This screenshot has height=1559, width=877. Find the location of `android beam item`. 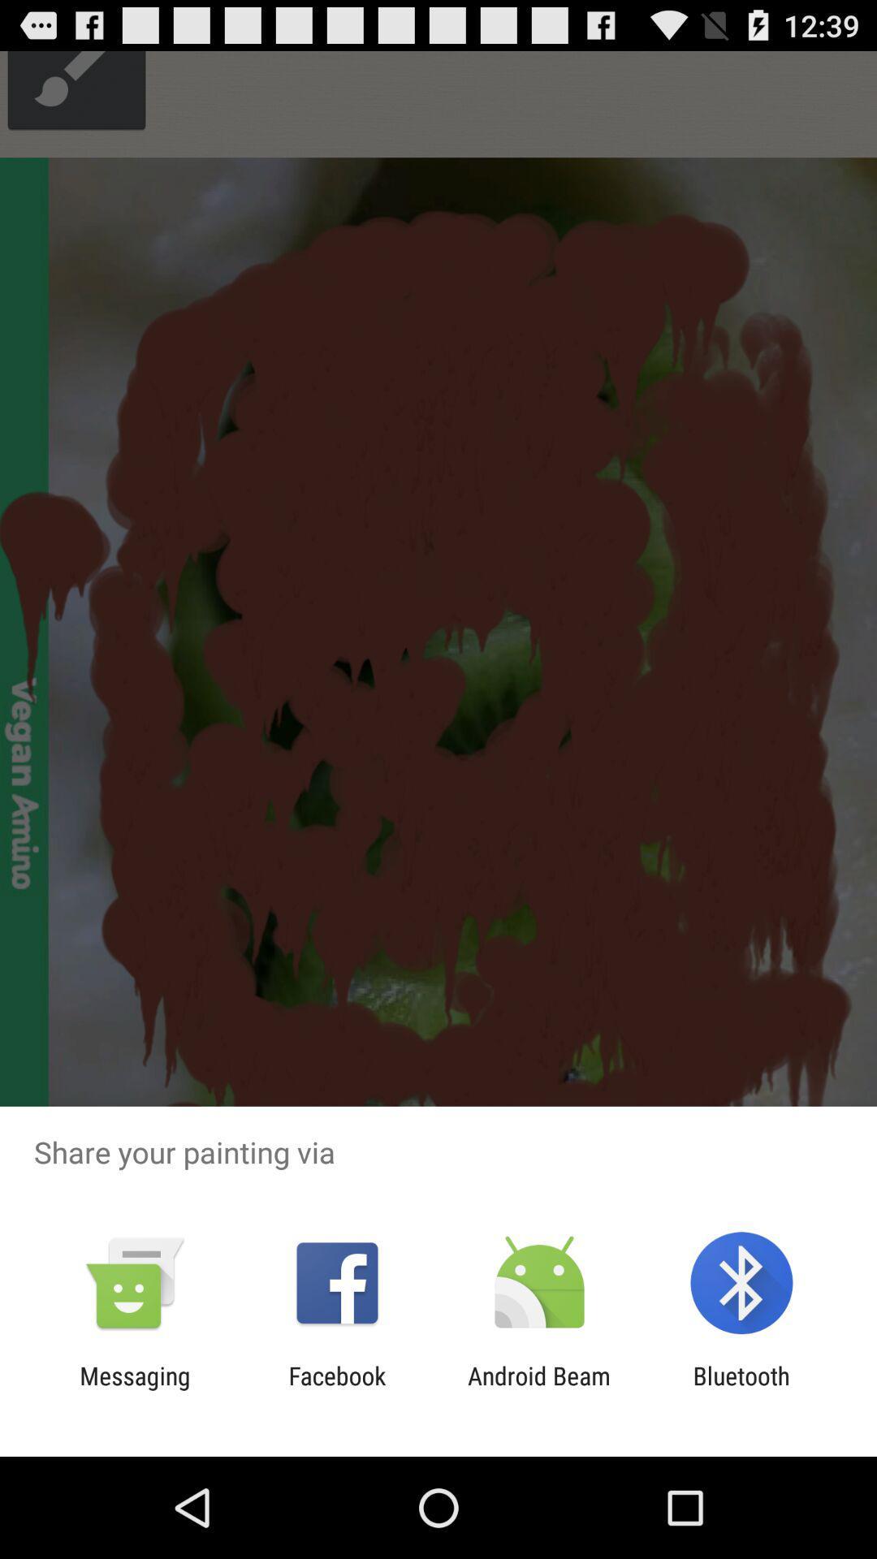

android beam item is located at coordinates (539, 1389).